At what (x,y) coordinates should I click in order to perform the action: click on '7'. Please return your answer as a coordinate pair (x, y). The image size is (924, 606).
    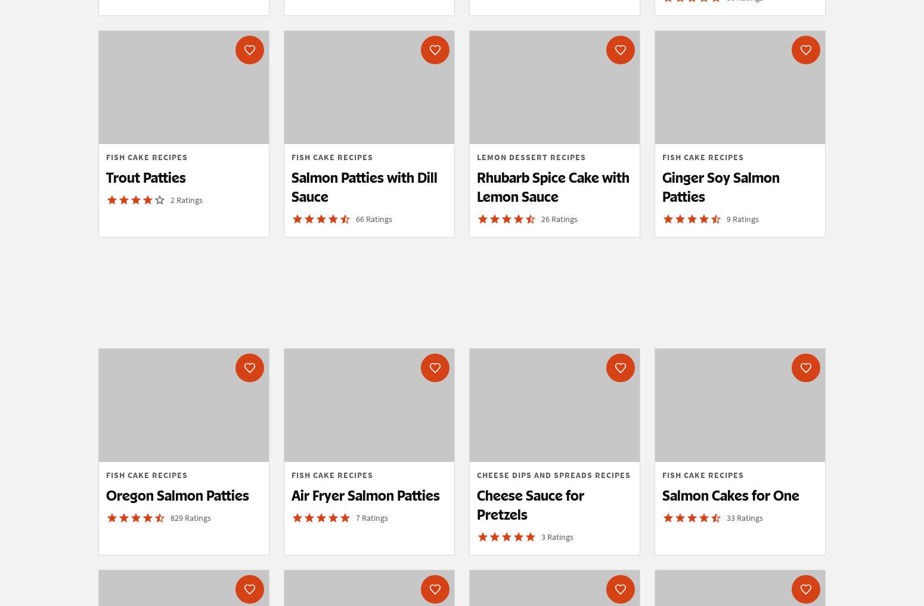
    Looking at the image, I should click on (359, 517).